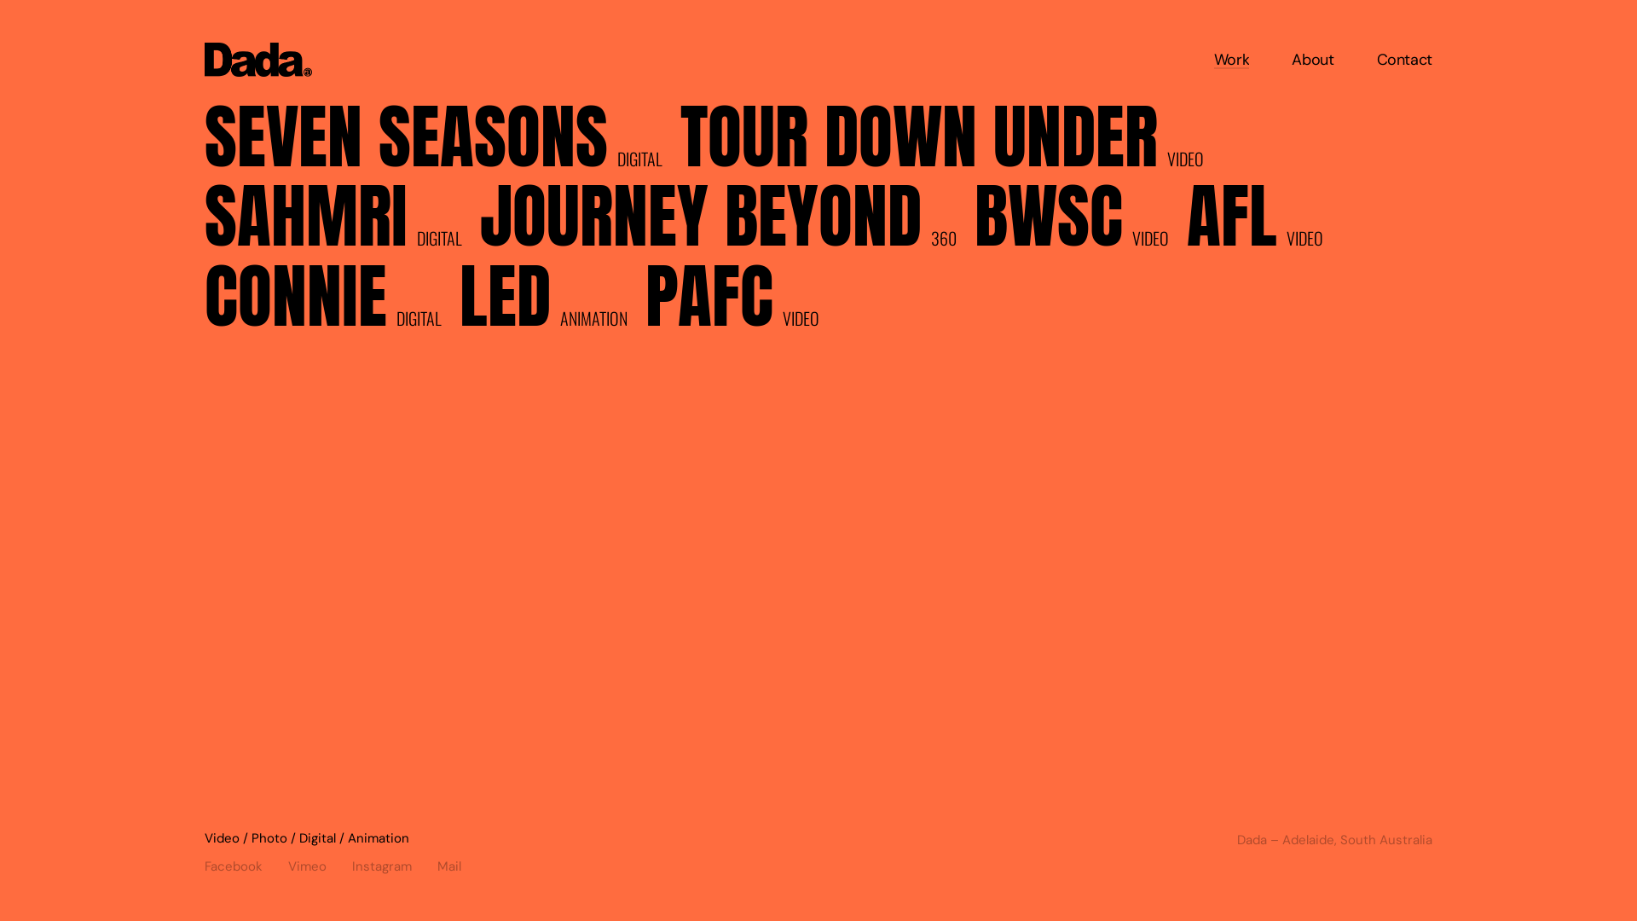 Image resolution: width=1637 pixels, height=921 pixels. Describe the element at coordinates (1231, 58) in the screenshot. I see `'Work'` at that location.